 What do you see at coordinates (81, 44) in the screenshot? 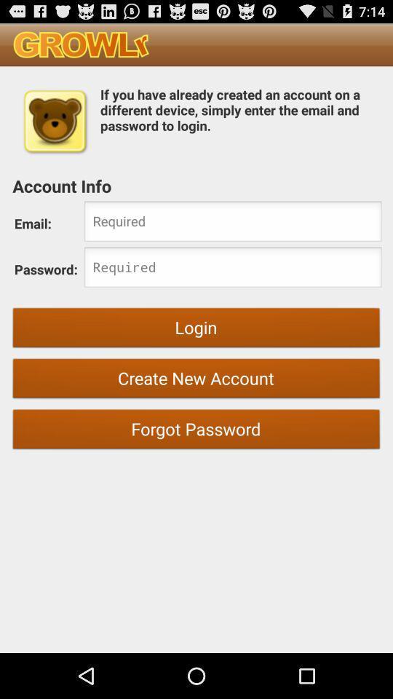
I see `the growlr in the top left corner` at bounding box center [81, 44].